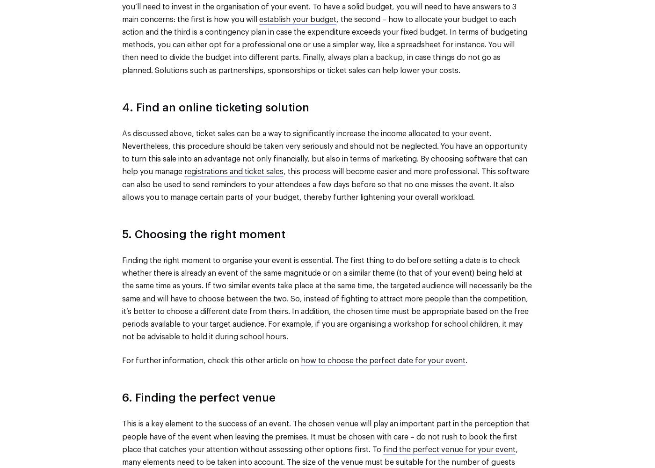 The height and width of the screenshot is (468, 655). What do you see at coordinates (198, 398) in the screenshot?
I see `'6. Finding the perfect venue'` at bounding box center [198, 398].